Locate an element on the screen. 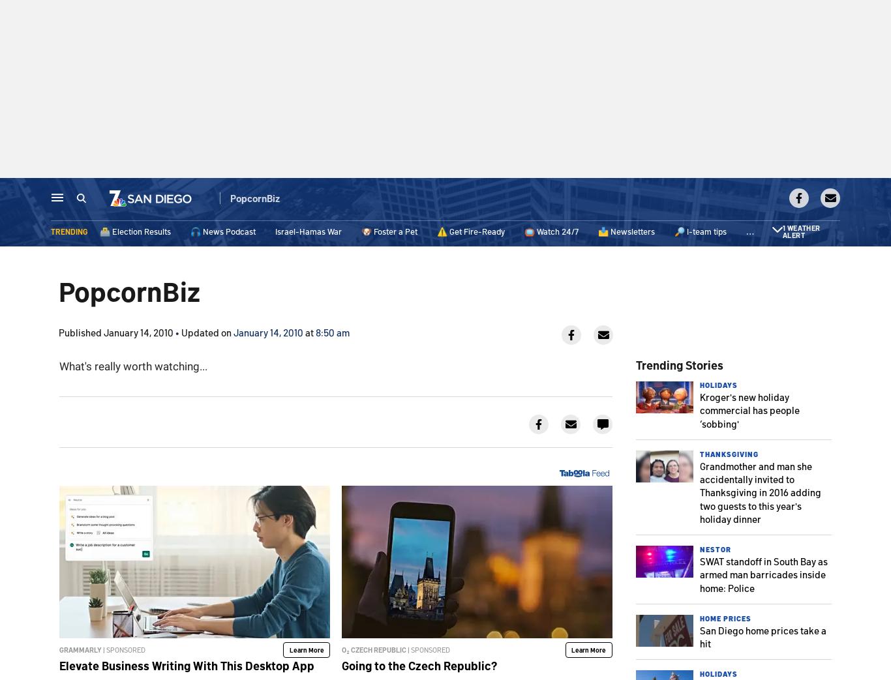  '☀️ In Your Neighborhood' is located at coordinates (792, 232).